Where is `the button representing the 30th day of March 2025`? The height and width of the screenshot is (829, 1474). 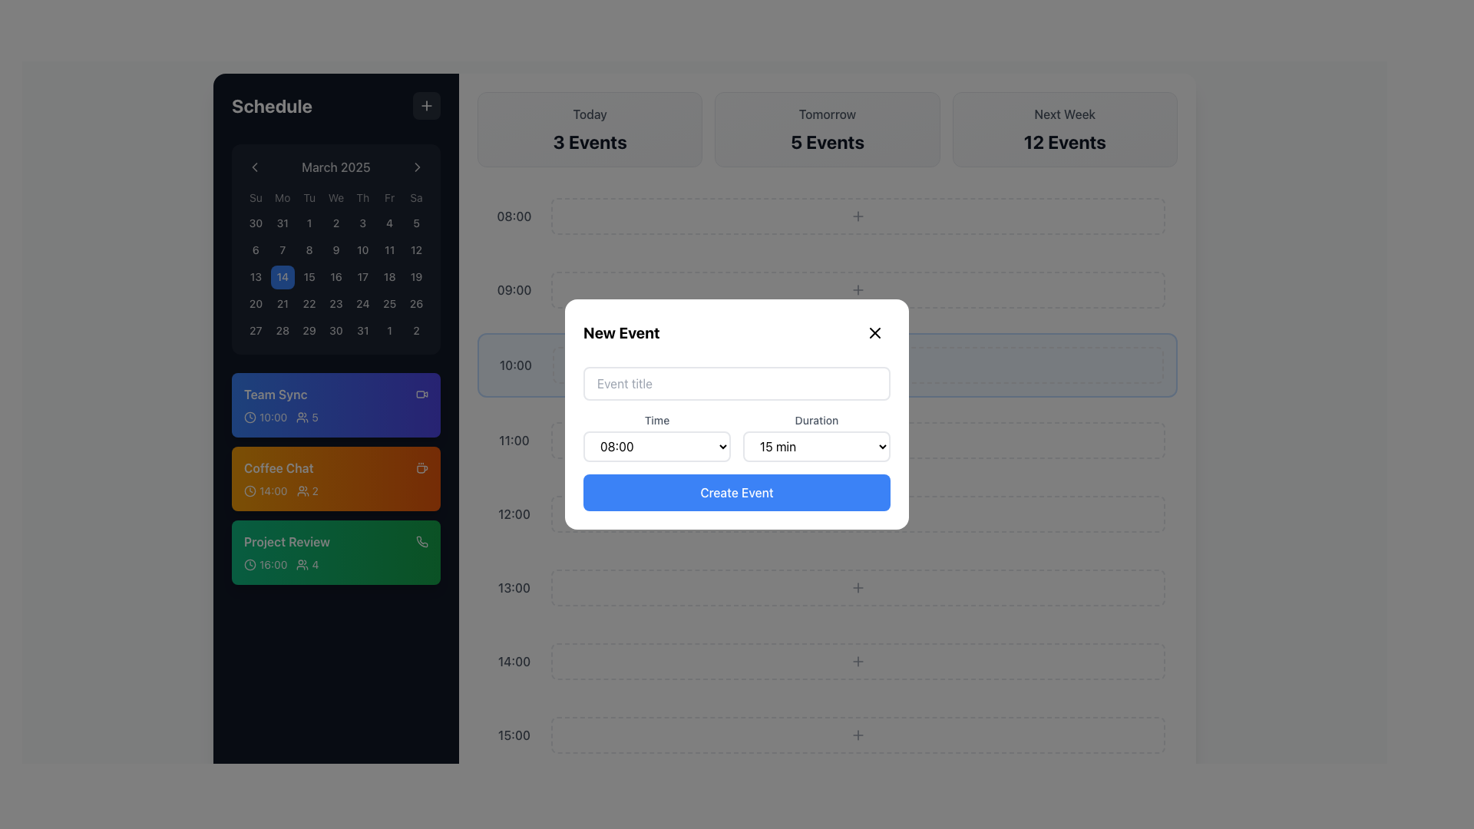
the button representing the 30th day of March 2025 is located at coordinates (335, 329).